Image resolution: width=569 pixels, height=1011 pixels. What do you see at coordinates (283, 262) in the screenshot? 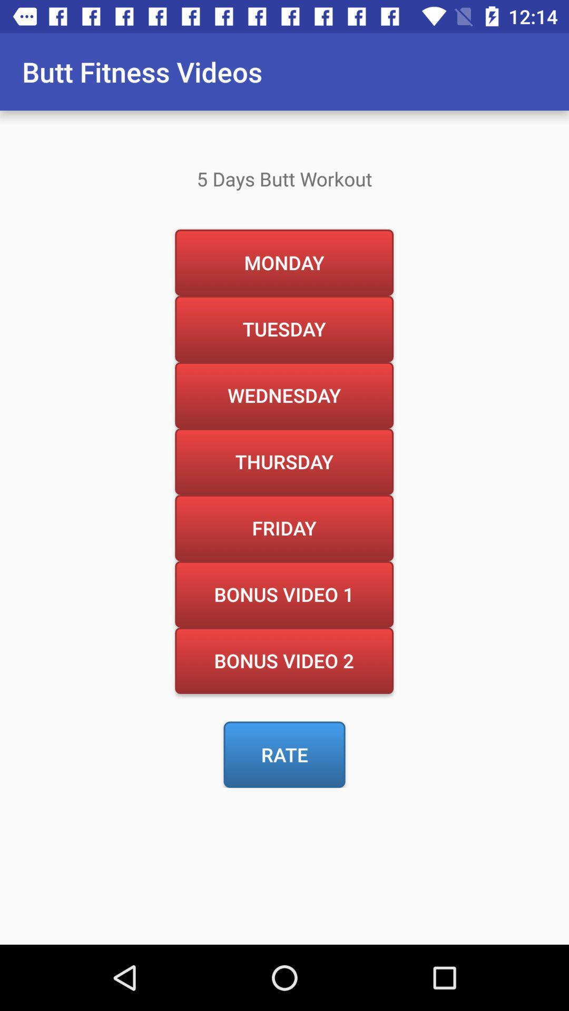
I see `item below the 5 days butt icon` at bounding box center [283, 262].